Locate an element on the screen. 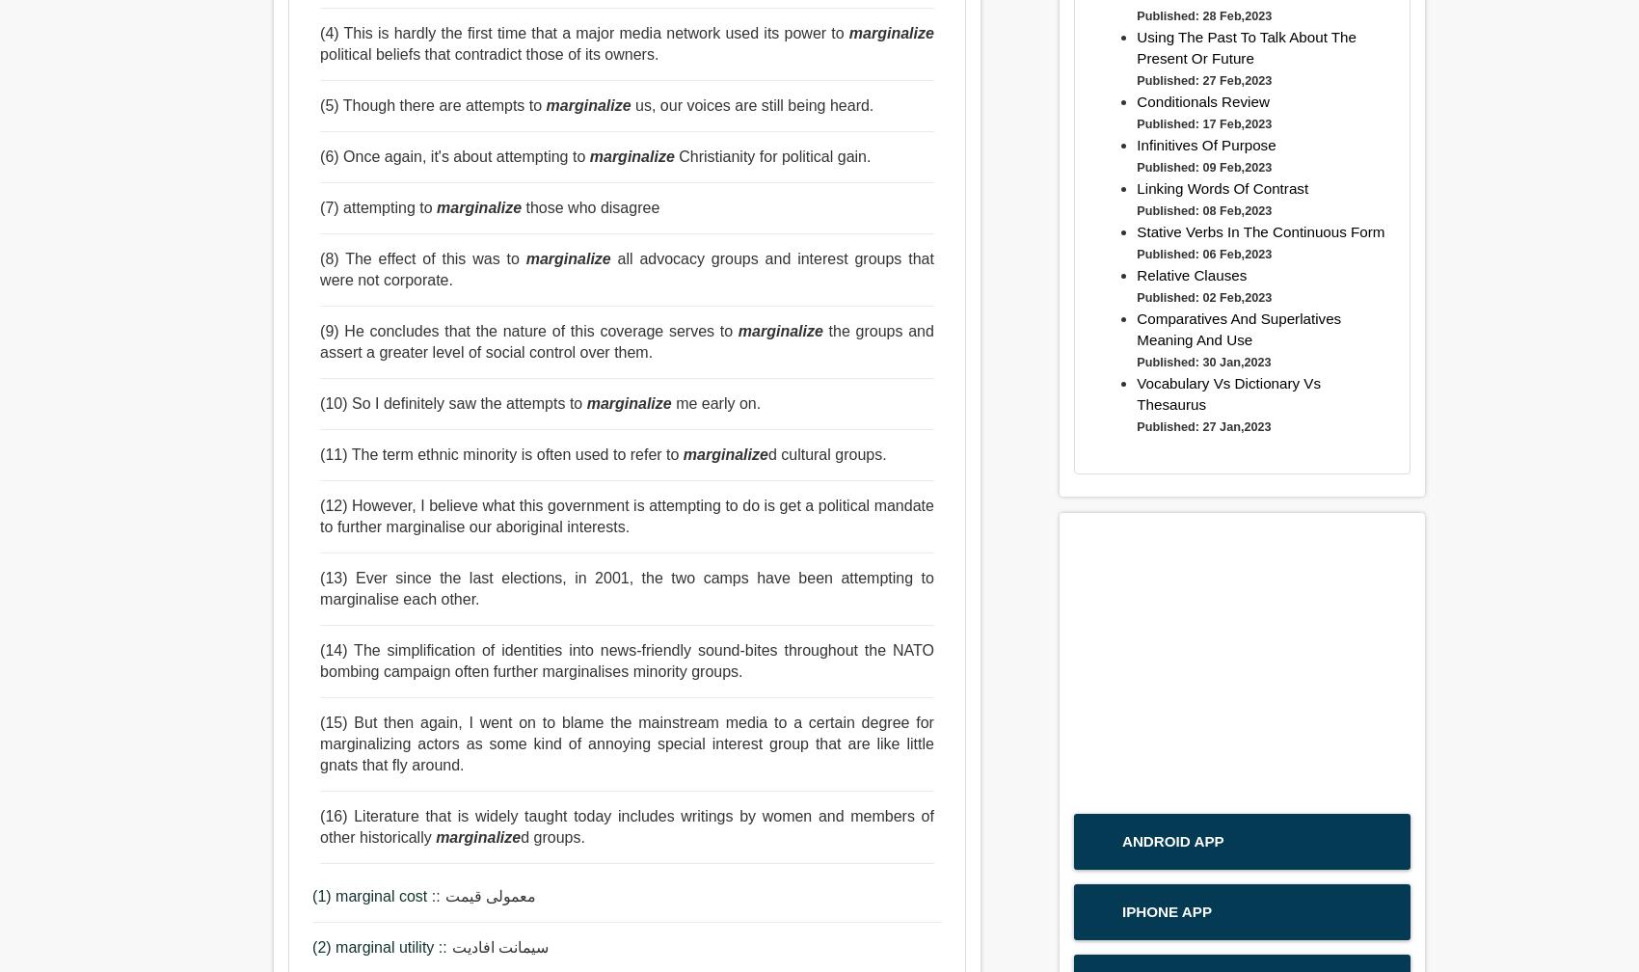 The height and width of the screenshot is (972, 1639). 'Published: 27 Jan,2023' is located at coordinates (1202, 426).